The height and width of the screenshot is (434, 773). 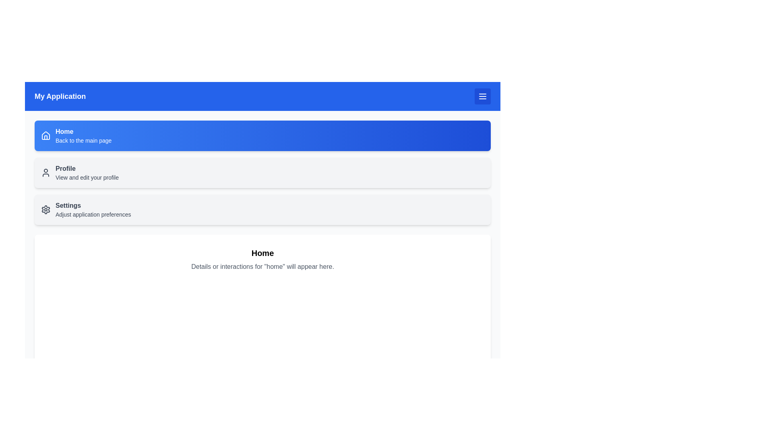 What do you see at coordinates (60, 96) in the screenshot?
I see `the static text label that serves as the title or branding label for the application, located in the horizontal blue header bar at the top of the interface` at bounding box center [60, 96].